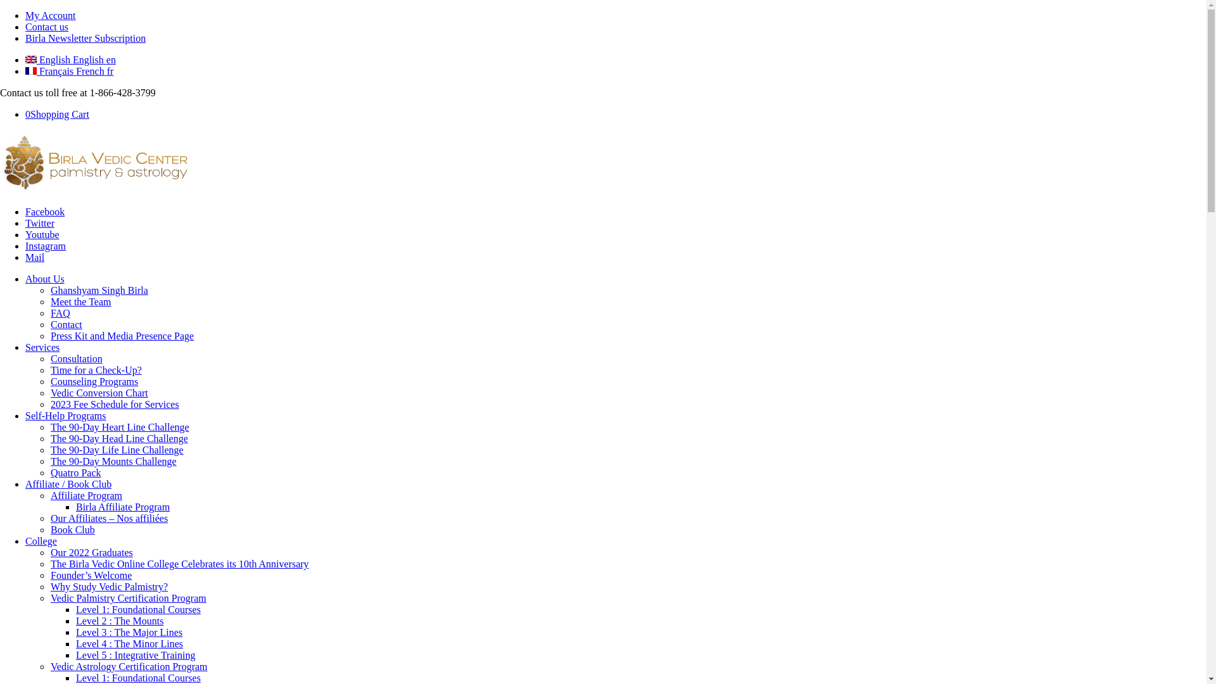  Describe the element at coordinates (45, 211) in the screenshot. I see `'Facebook'` at that location.